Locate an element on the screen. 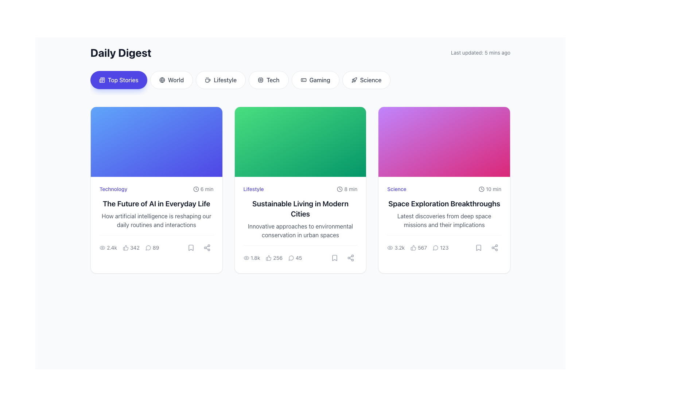  the static text label displaying the number '89' located in the comments section of the first card, which is directly to the right of a speech bubble icon is located at coordinates (155, 247).